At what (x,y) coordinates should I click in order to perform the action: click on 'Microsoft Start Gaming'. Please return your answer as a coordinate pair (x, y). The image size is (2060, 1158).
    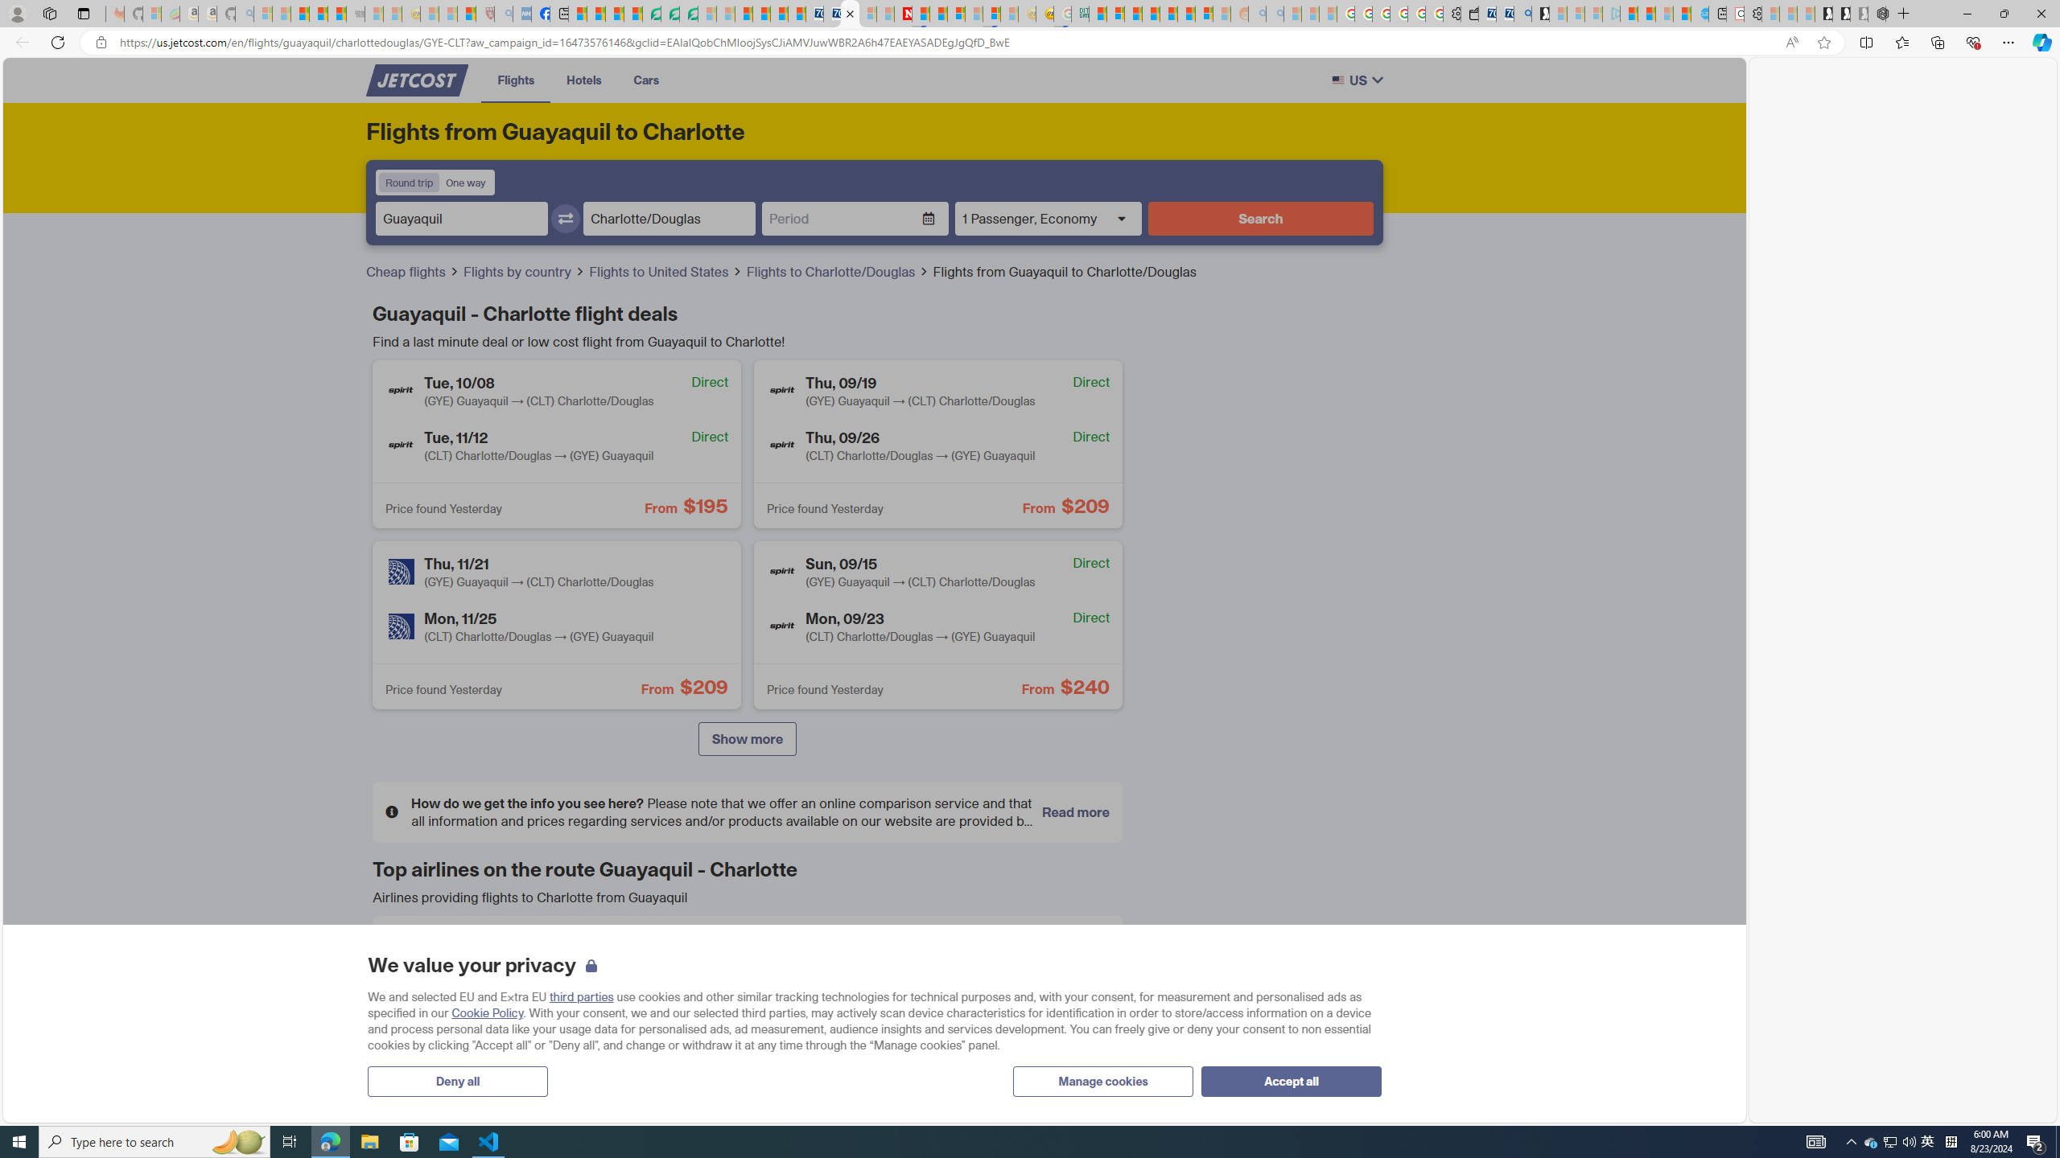
    Looking at the image, I should click on (1539, 13).